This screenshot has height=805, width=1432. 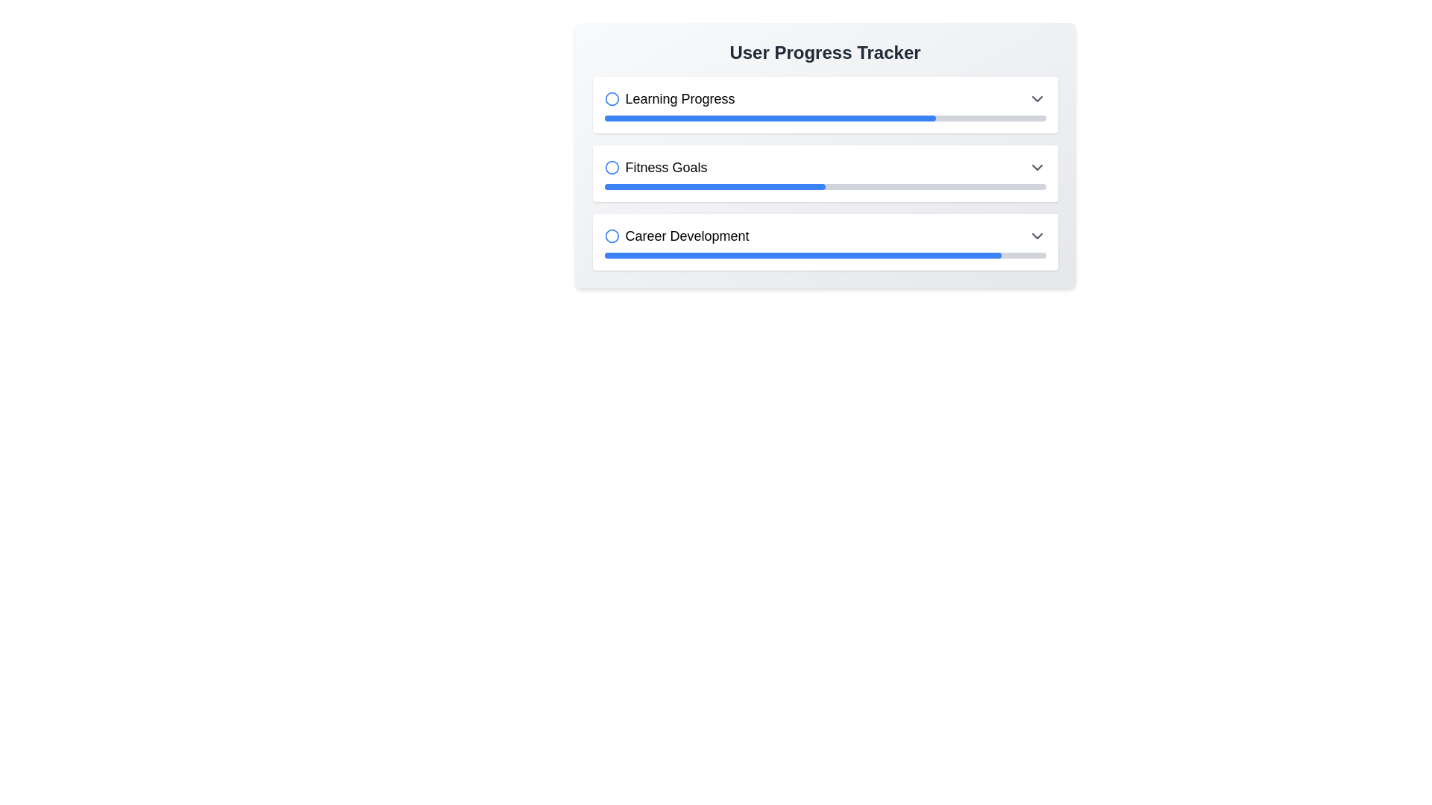 I want to click on the progress bar that visually represents the completion percentage of the 'Learning Progress' objective, located below the text label within the 'Learning Progress' card, so click(x=824, y=117).